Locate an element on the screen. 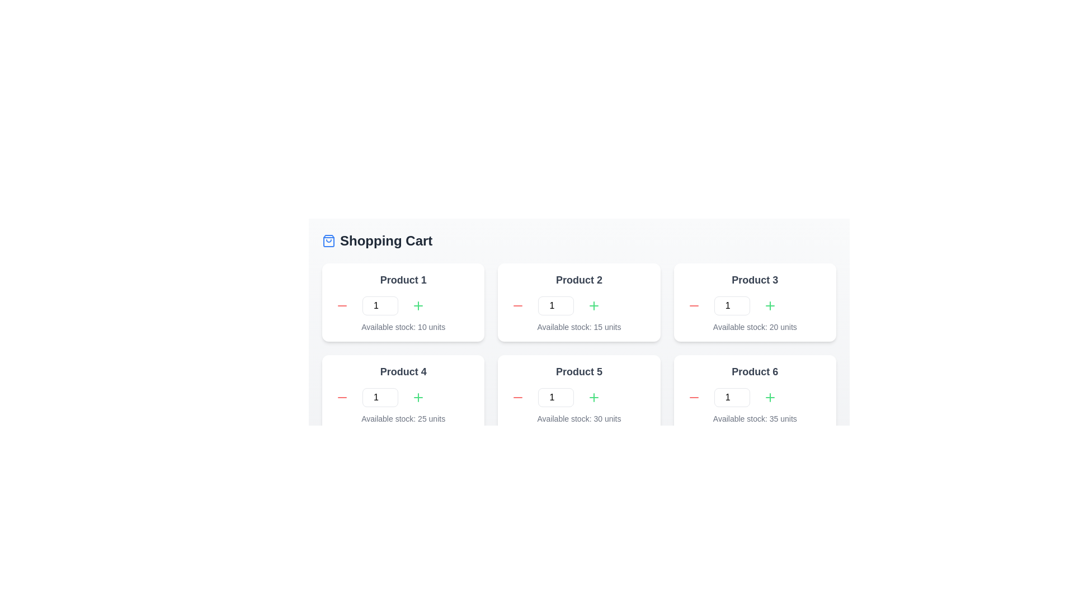 The image size is (1074, 604). the green plus icon button located inside the 'Product 3' box in the top-right corner of the grid layout is located at coordinates (769, 306).